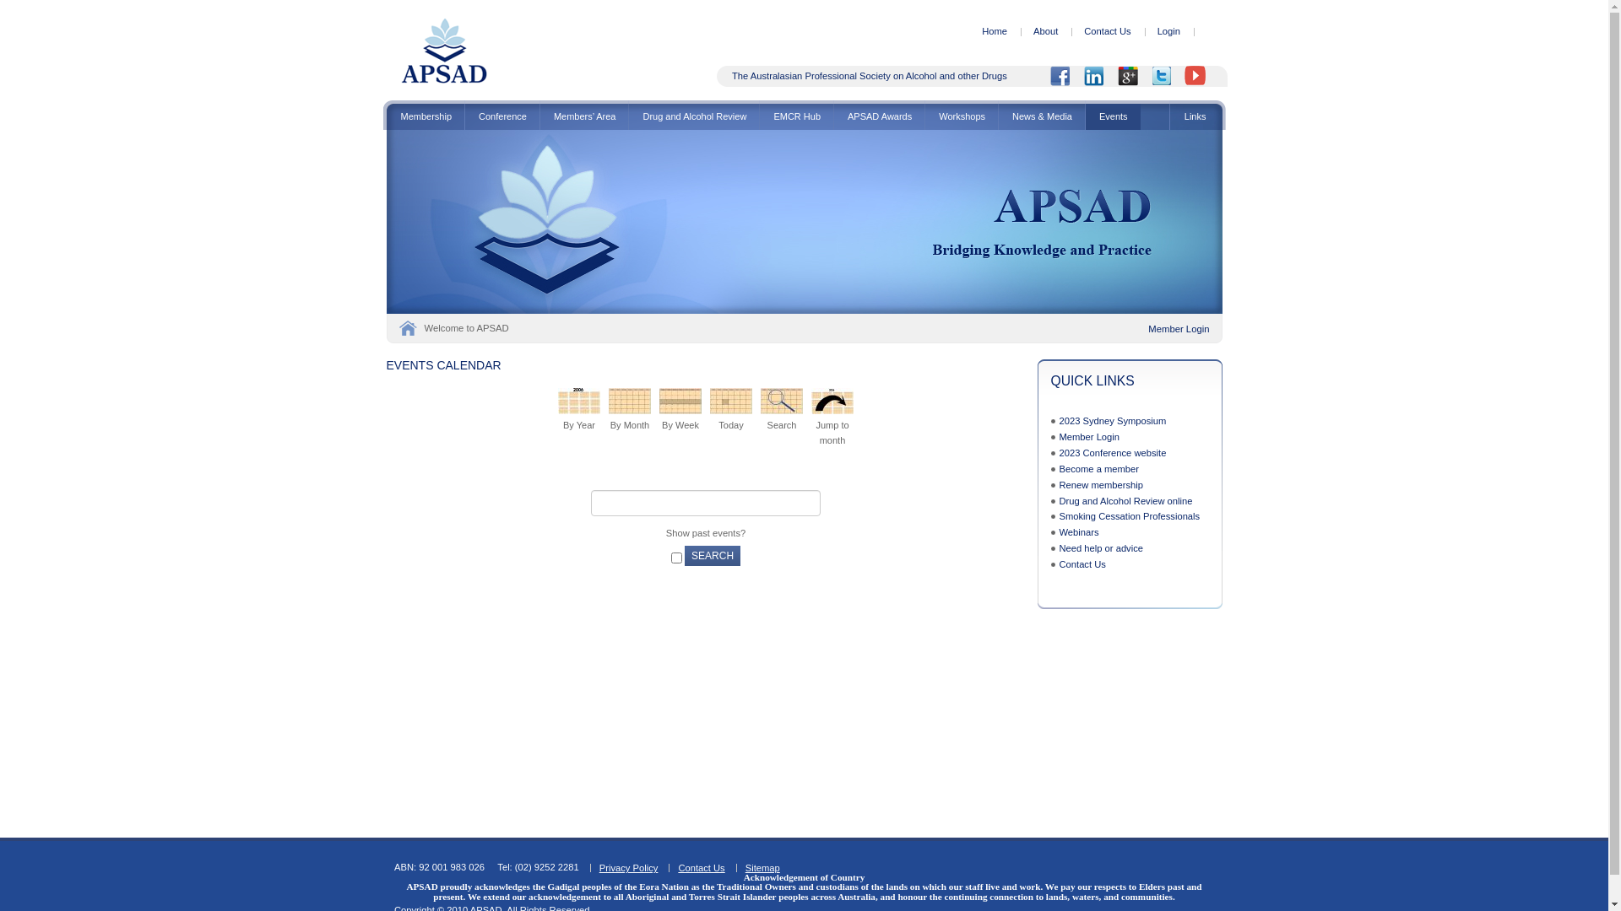  I want to click on 'Events', so click(1113, 116).